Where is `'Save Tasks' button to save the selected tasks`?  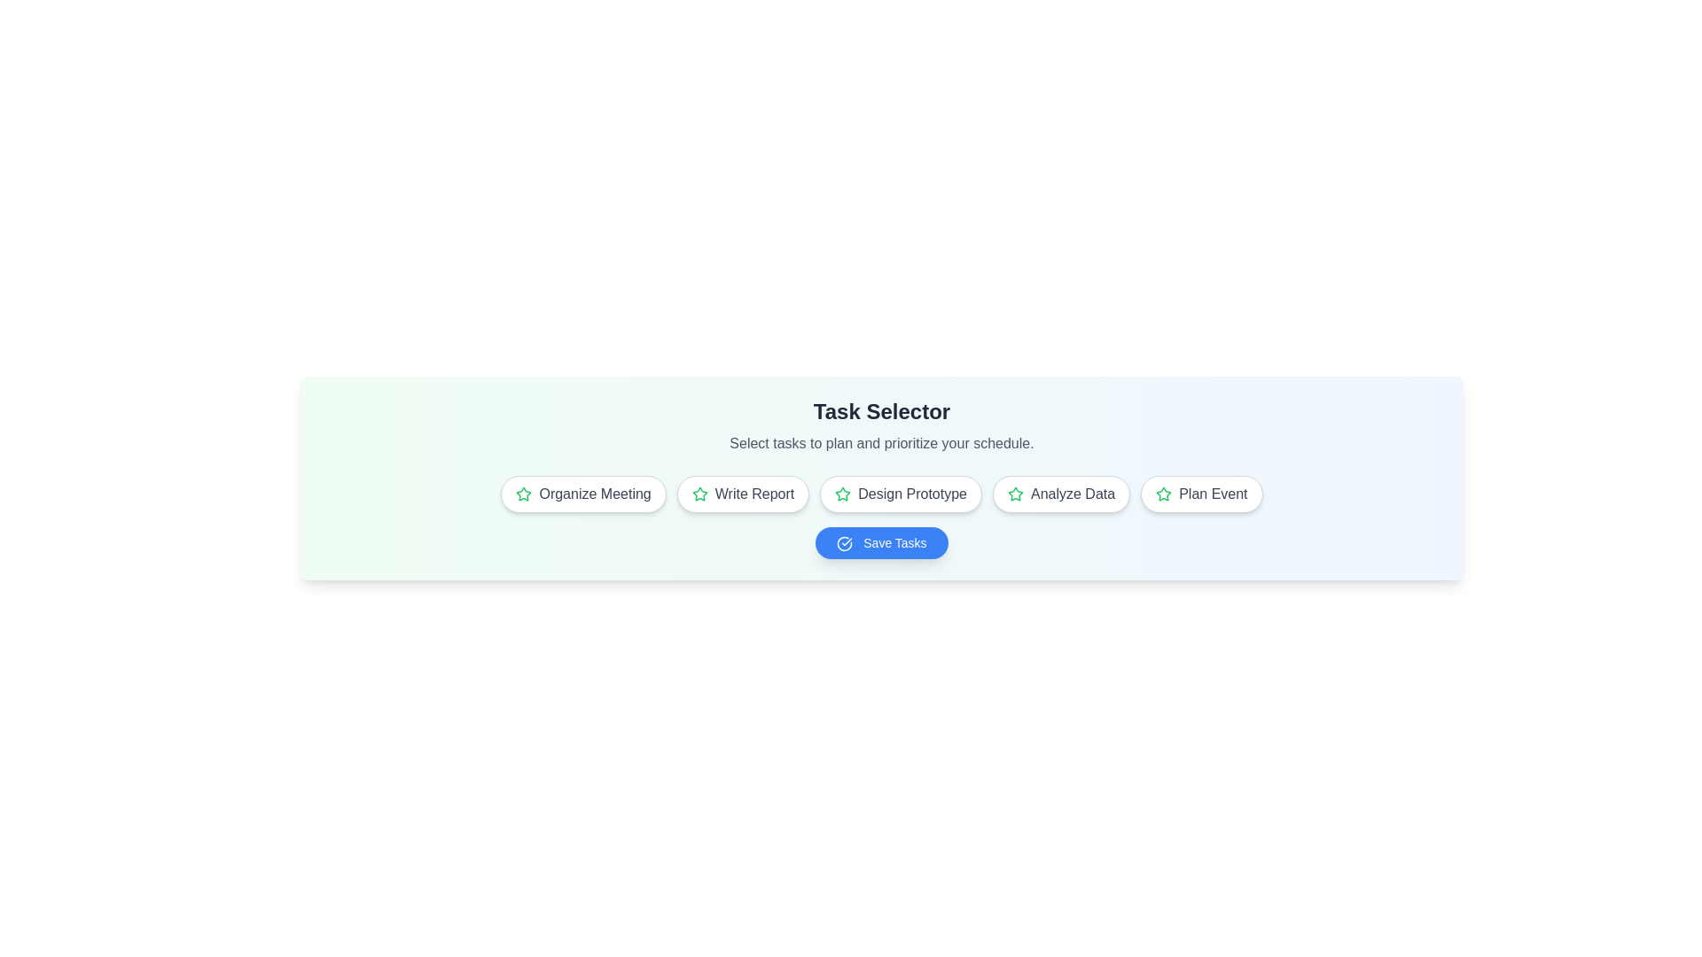
'Save Tasks' button to save the selected tasks is located at coordinates (881, 542).